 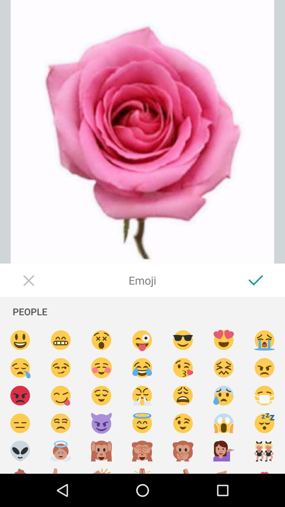 I want to click on insert emoji, so click(x=183, y=396).